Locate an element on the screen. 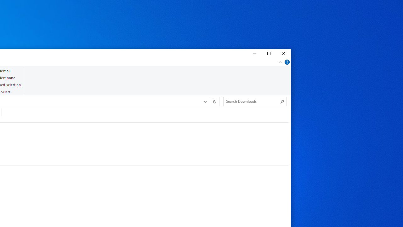 This screenshot has width=403, height=227. 'Maximize' is located at coordinates (269, 54).